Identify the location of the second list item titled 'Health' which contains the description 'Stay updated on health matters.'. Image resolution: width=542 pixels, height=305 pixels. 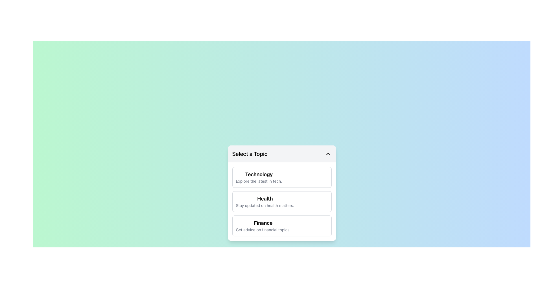
(282, 201).